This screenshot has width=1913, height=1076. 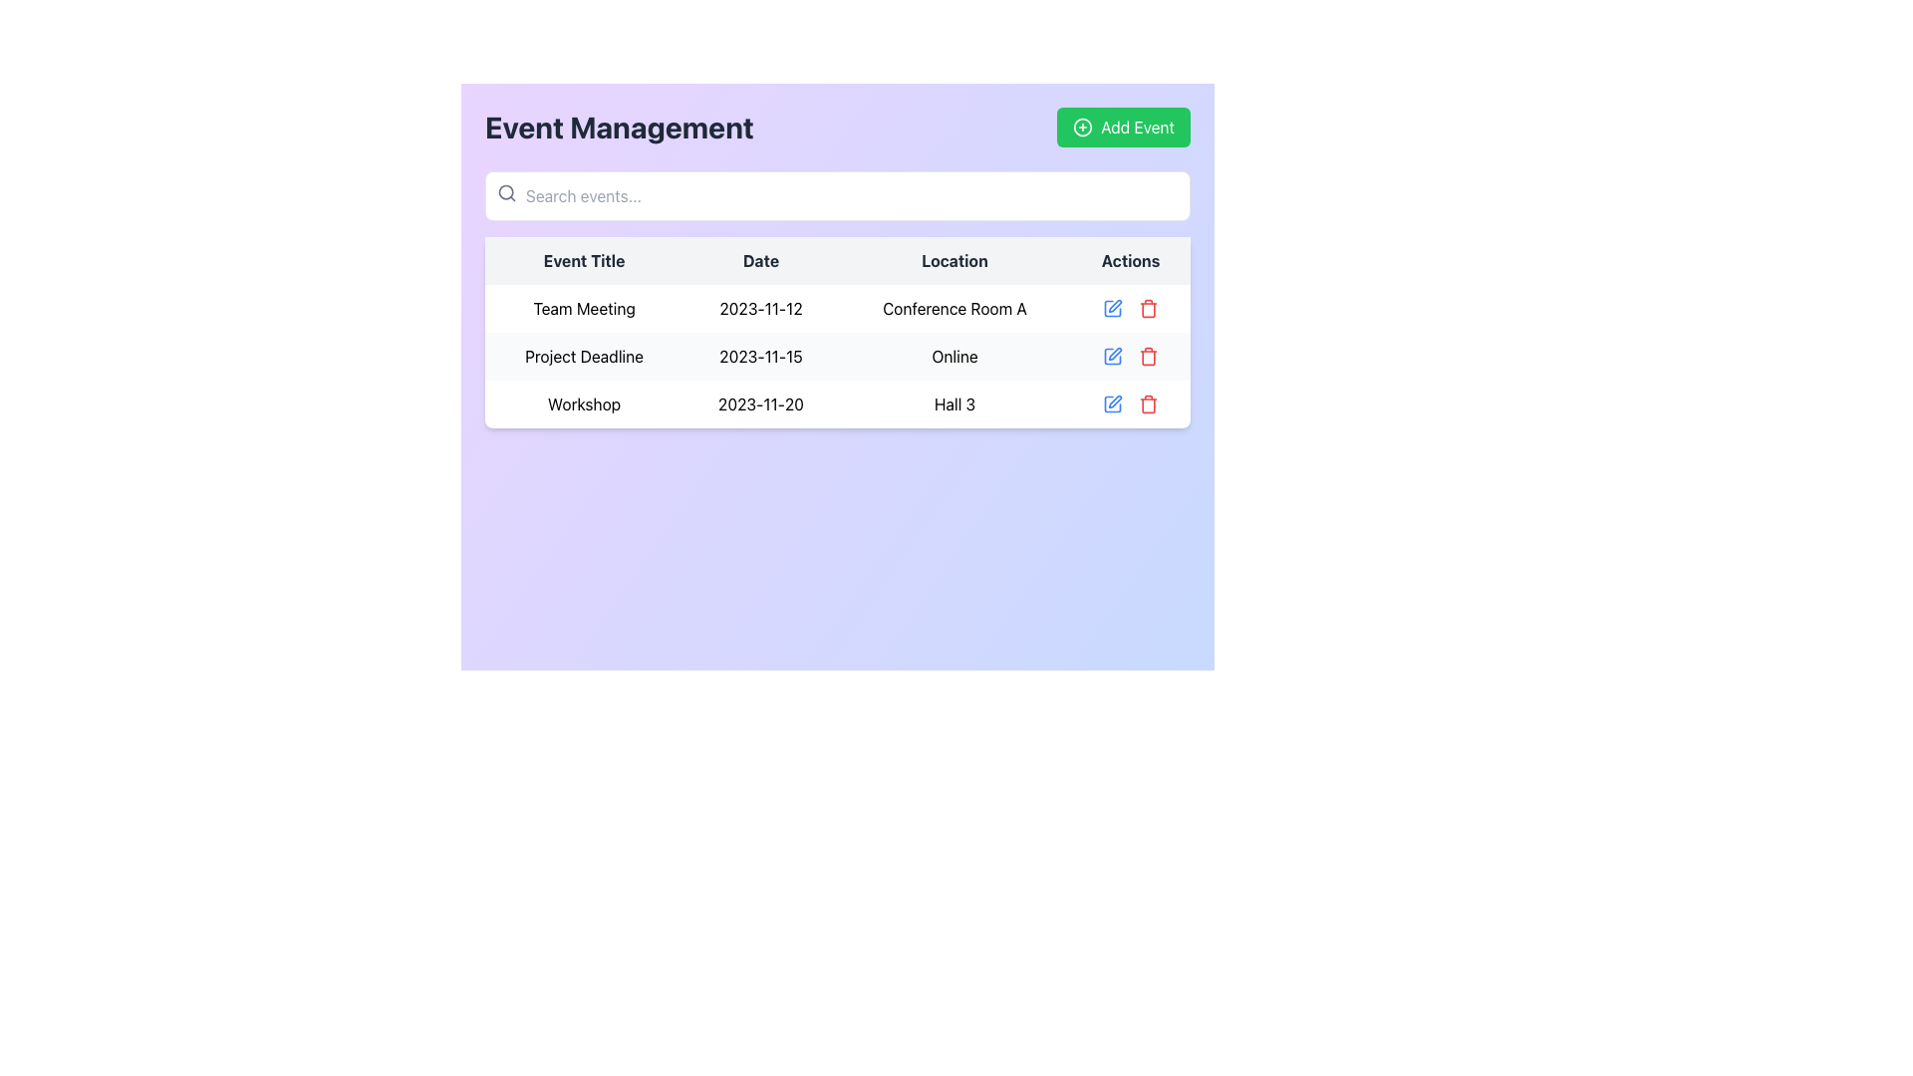 I want to click on the 'Date' header label in the table, which is the second item in the header row and helps identify the content in the corresponding column, so click(x=759, y=260).